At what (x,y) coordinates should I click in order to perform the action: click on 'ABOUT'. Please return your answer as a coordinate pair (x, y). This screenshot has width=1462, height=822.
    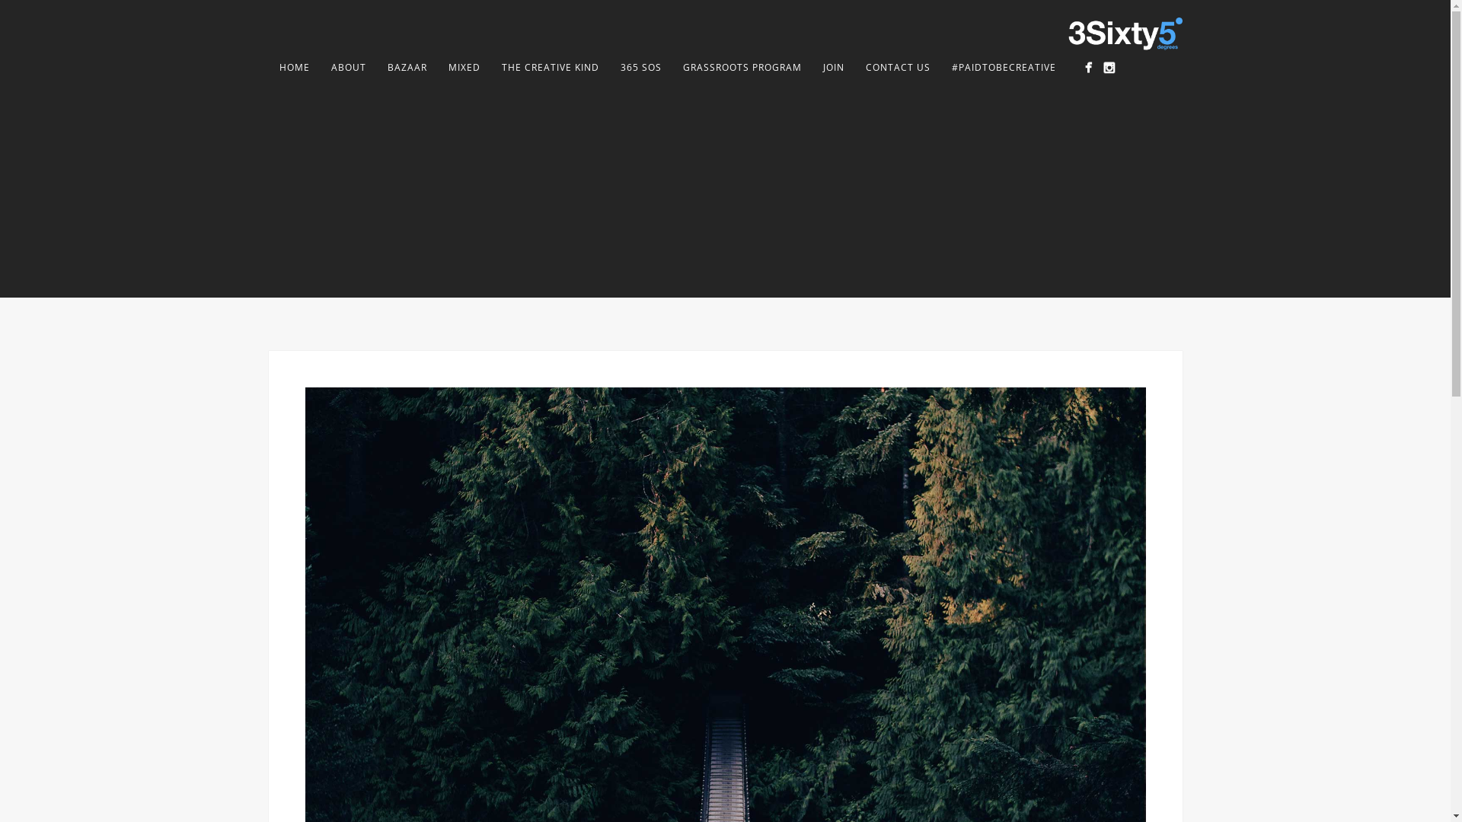
    Looking at the image, I should click on (346, 66).